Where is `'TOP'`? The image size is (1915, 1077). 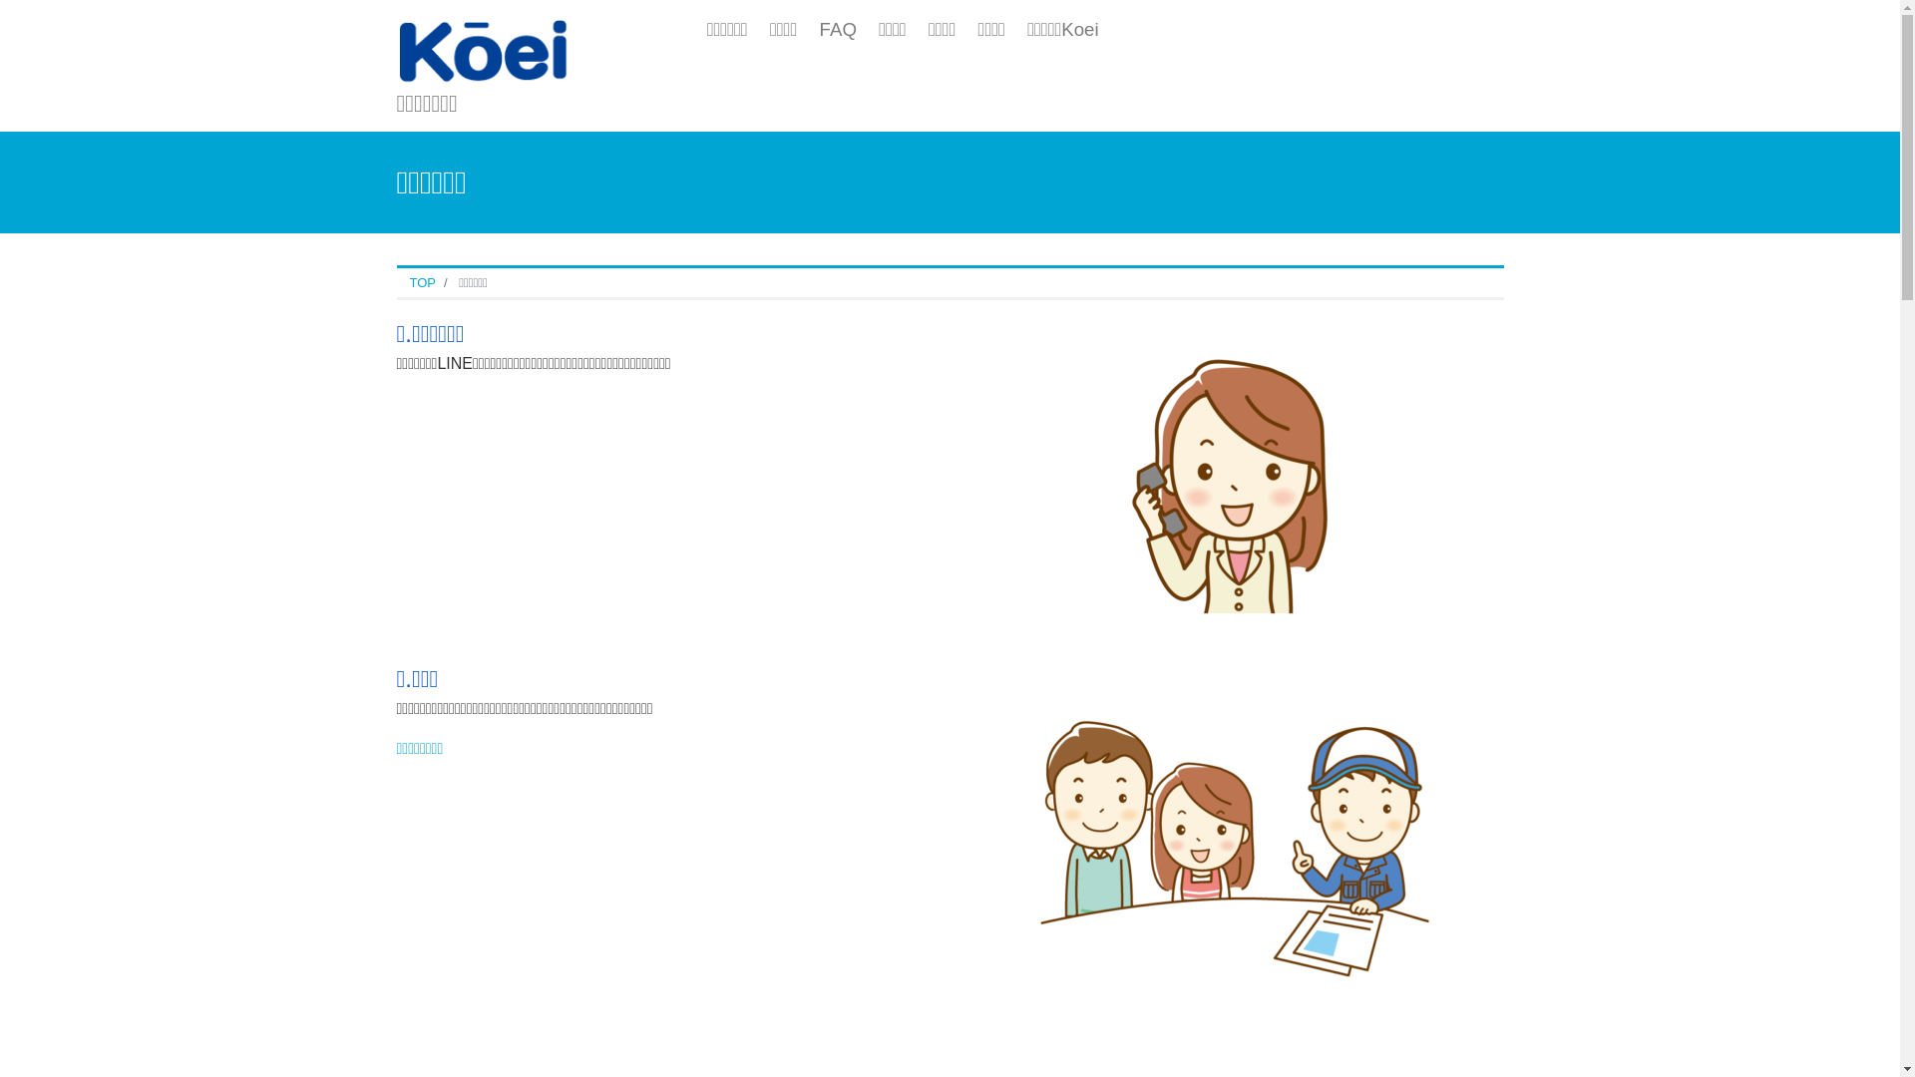 'TOP' is located at coordinates (421, 282).